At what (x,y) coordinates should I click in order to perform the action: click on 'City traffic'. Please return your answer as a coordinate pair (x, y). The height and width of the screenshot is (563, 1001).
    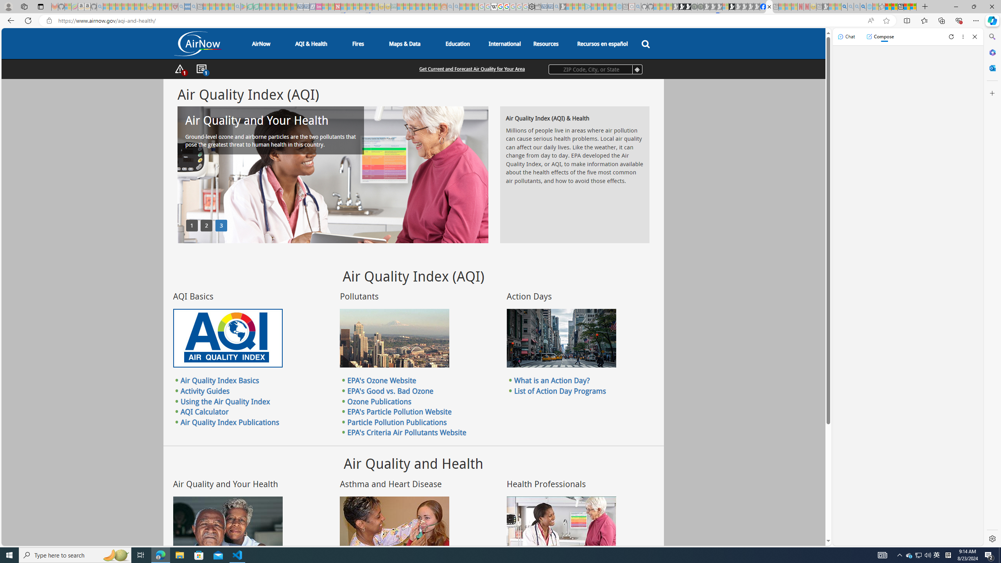
    Looking at the image, I should click on (561, 338).